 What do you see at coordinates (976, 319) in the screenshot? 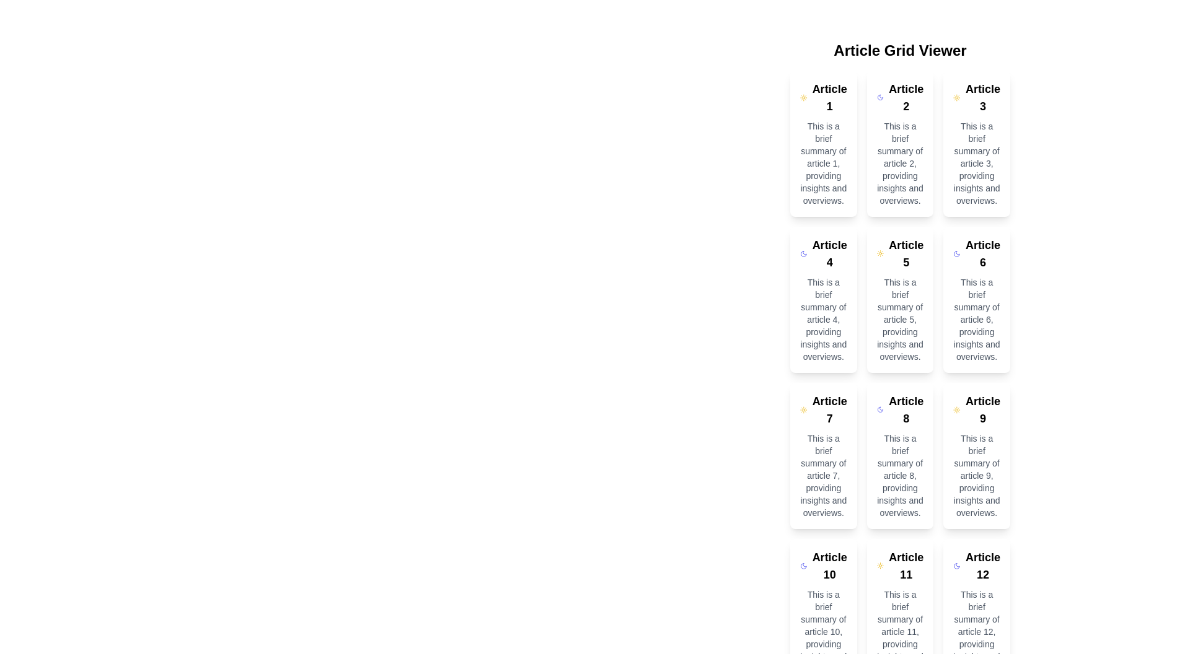
I see `the text block that provides a summary of 'Article 6', located in the third column and second row of the article grid` at bounding box center [976, 319].